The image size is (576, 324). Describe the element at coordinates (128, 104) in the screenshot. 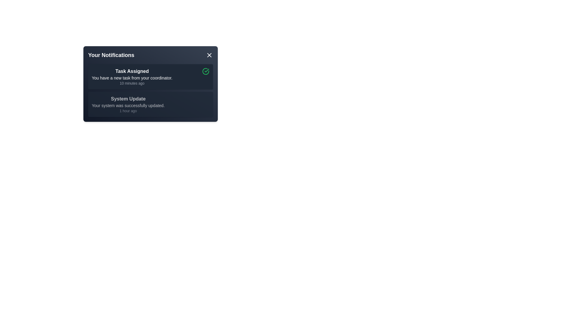

I see `text content of the second notification item in the 'Your Notifications' card, which displays a system update notification` at that location.